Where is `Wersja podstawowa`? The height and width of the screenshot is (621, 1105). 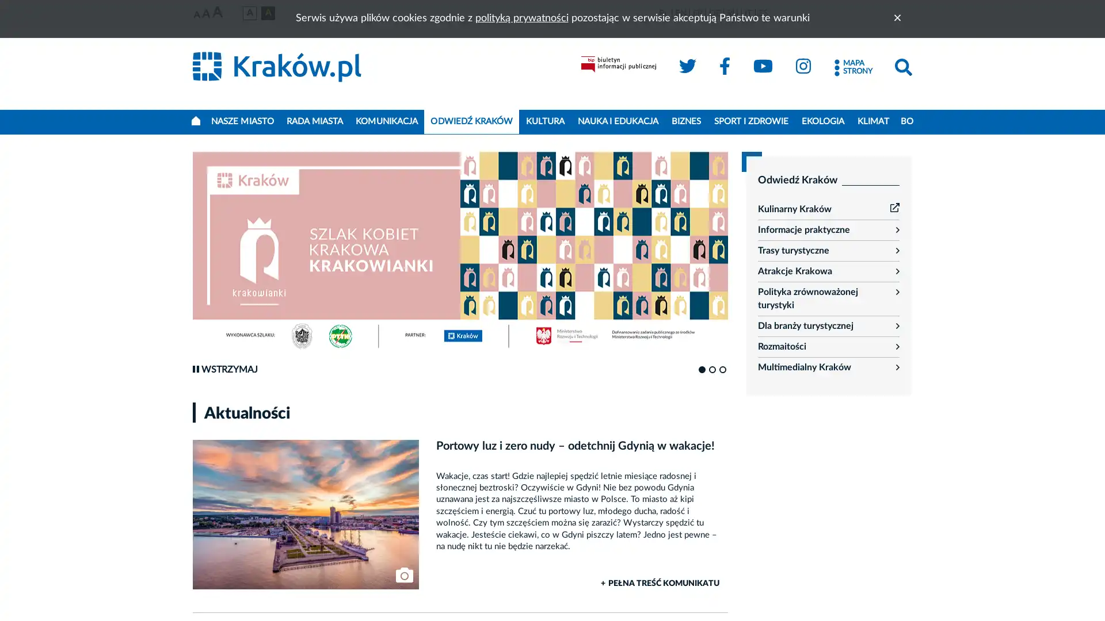
Wersja podstawowa is located at coordinates (249, 13).